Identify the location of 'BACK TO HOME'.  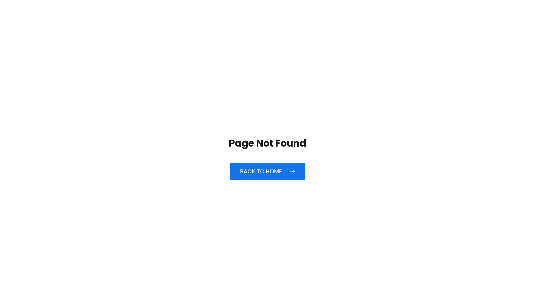
(267, 171).